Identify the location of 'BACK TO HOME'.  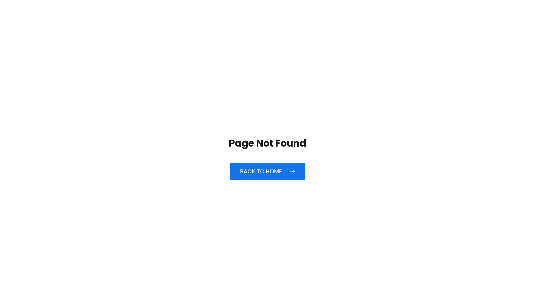
(267, 171).